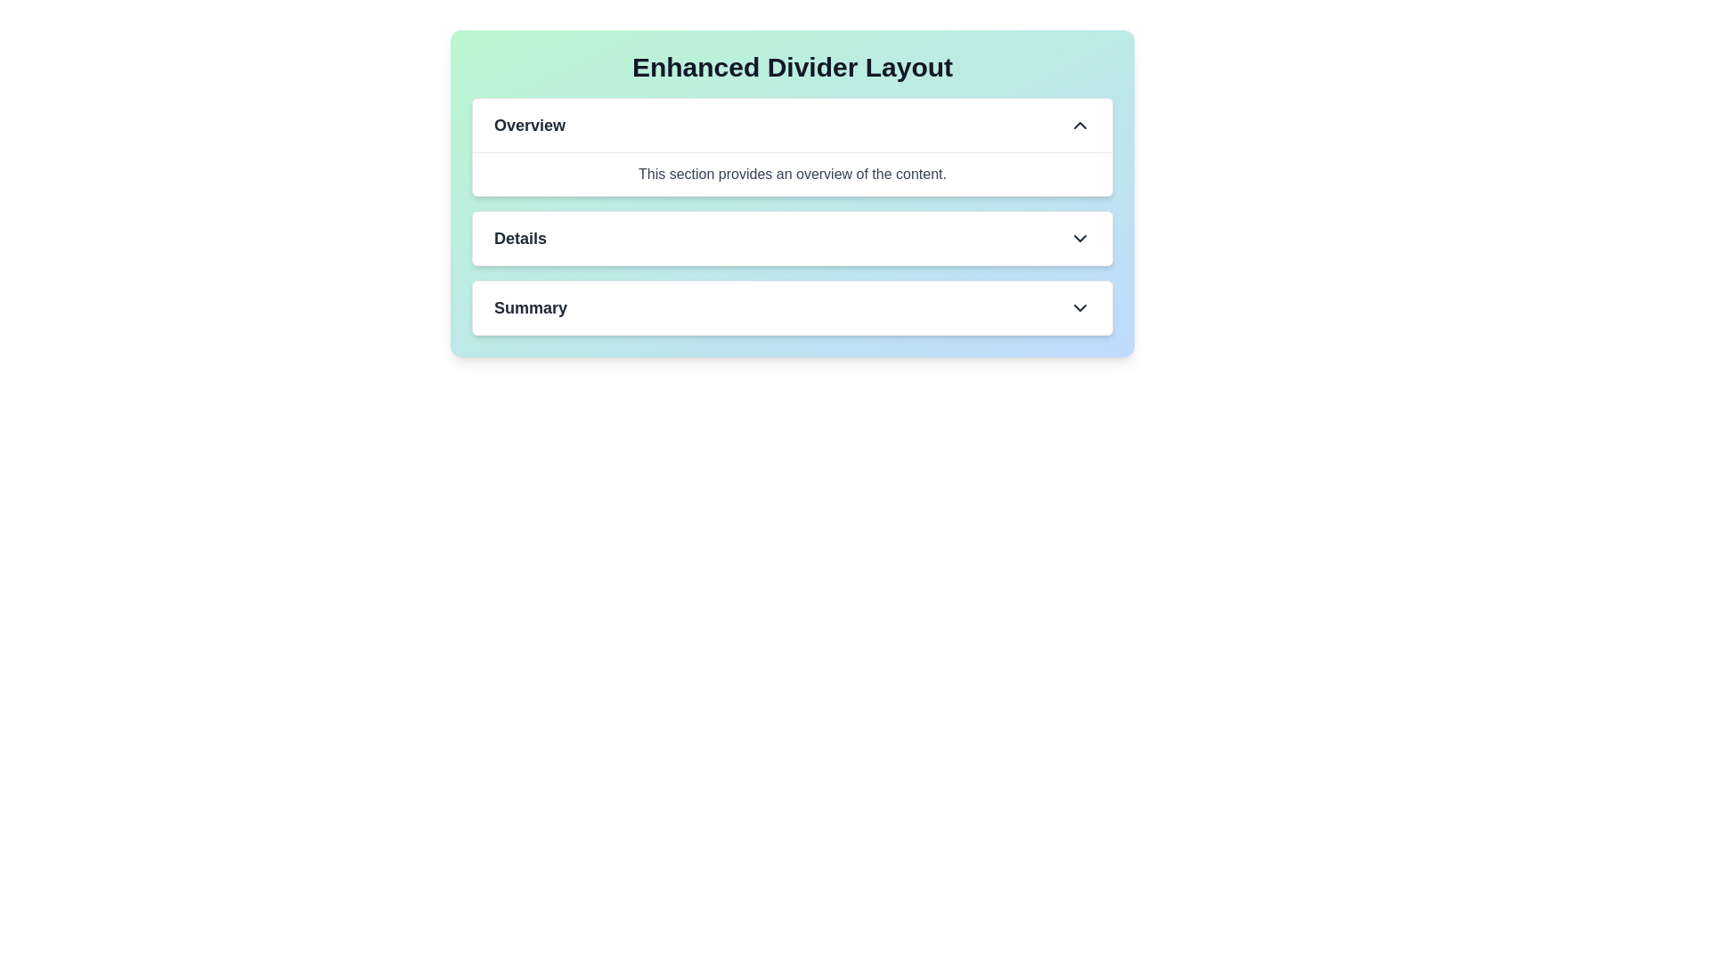  Describe the element at coordinates (1079, 125) in the screenshot. I see `the toggle icon located in the upper-right corner of the 'Overview' section` at that location.